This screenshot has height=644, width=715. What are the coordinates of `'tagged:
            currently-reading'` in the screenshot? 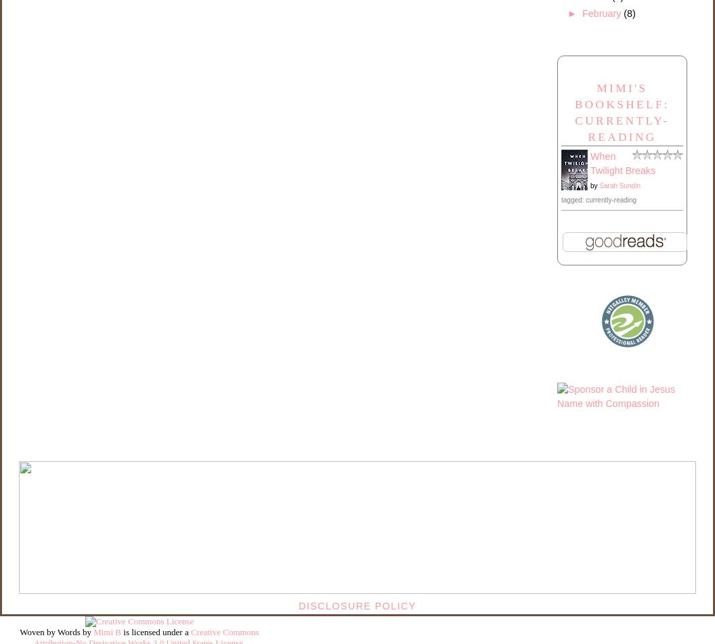 It's located at (598, 200).